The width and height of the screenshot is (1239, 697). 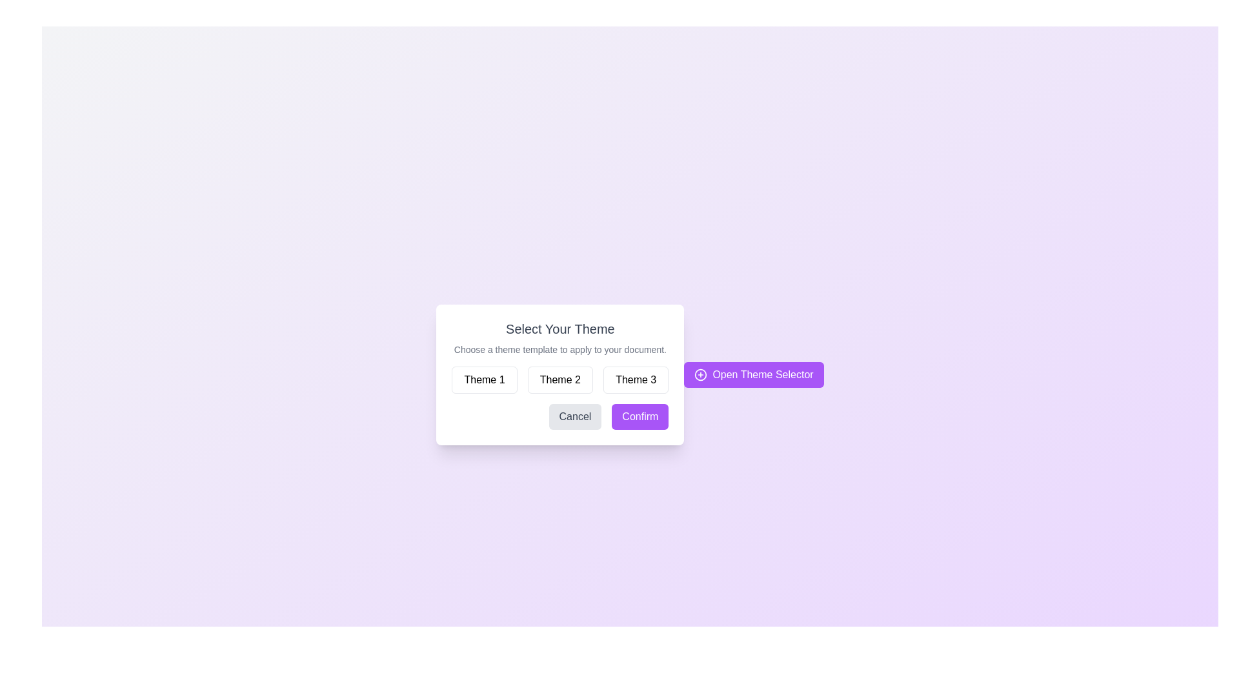 I want to click on the circular icon with a thin outline, located near the 'Open Theme Selector' label on the right side of the dialog box, so click(x=700, y=375).